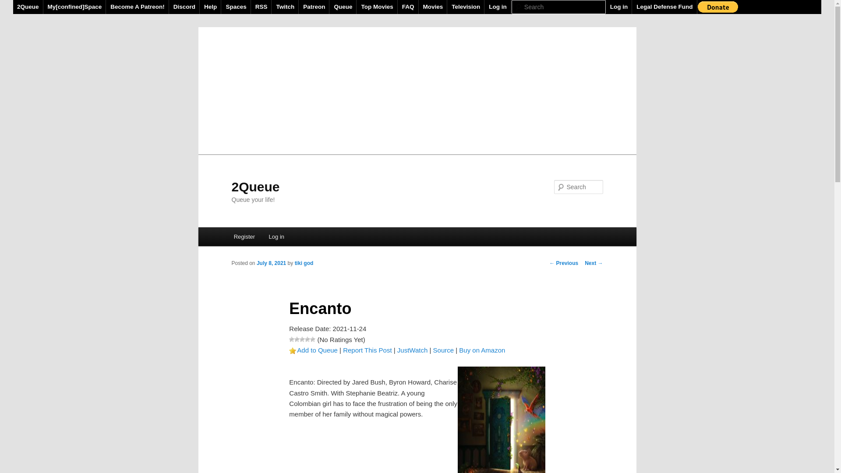  I want to click on '2 Stars', so click(297, 339).